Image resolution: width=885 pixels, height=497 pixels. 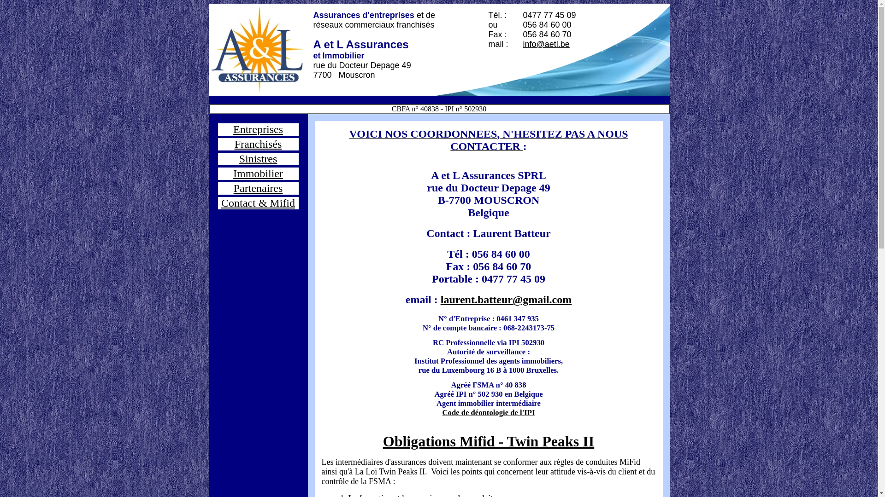 I want to click on 'Entreprises', so click(x=258, y=129).